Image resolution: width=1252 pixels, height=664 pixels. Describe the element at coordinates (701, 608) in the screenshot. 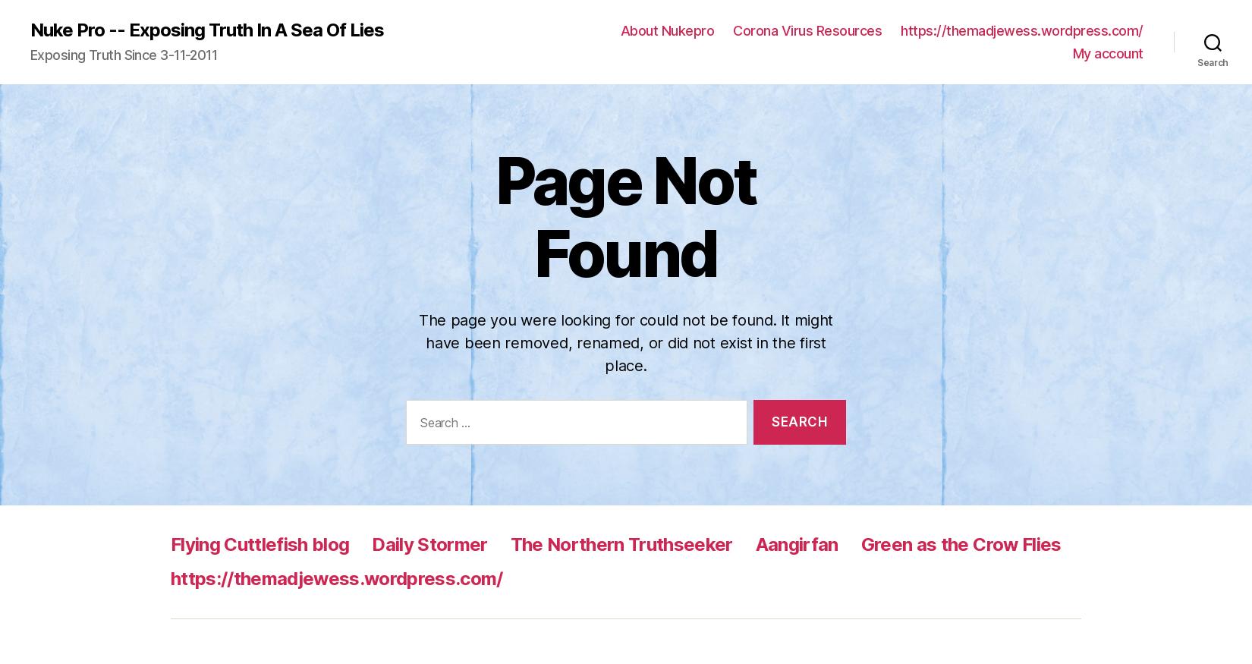

I see `'October 2022'` at that location.